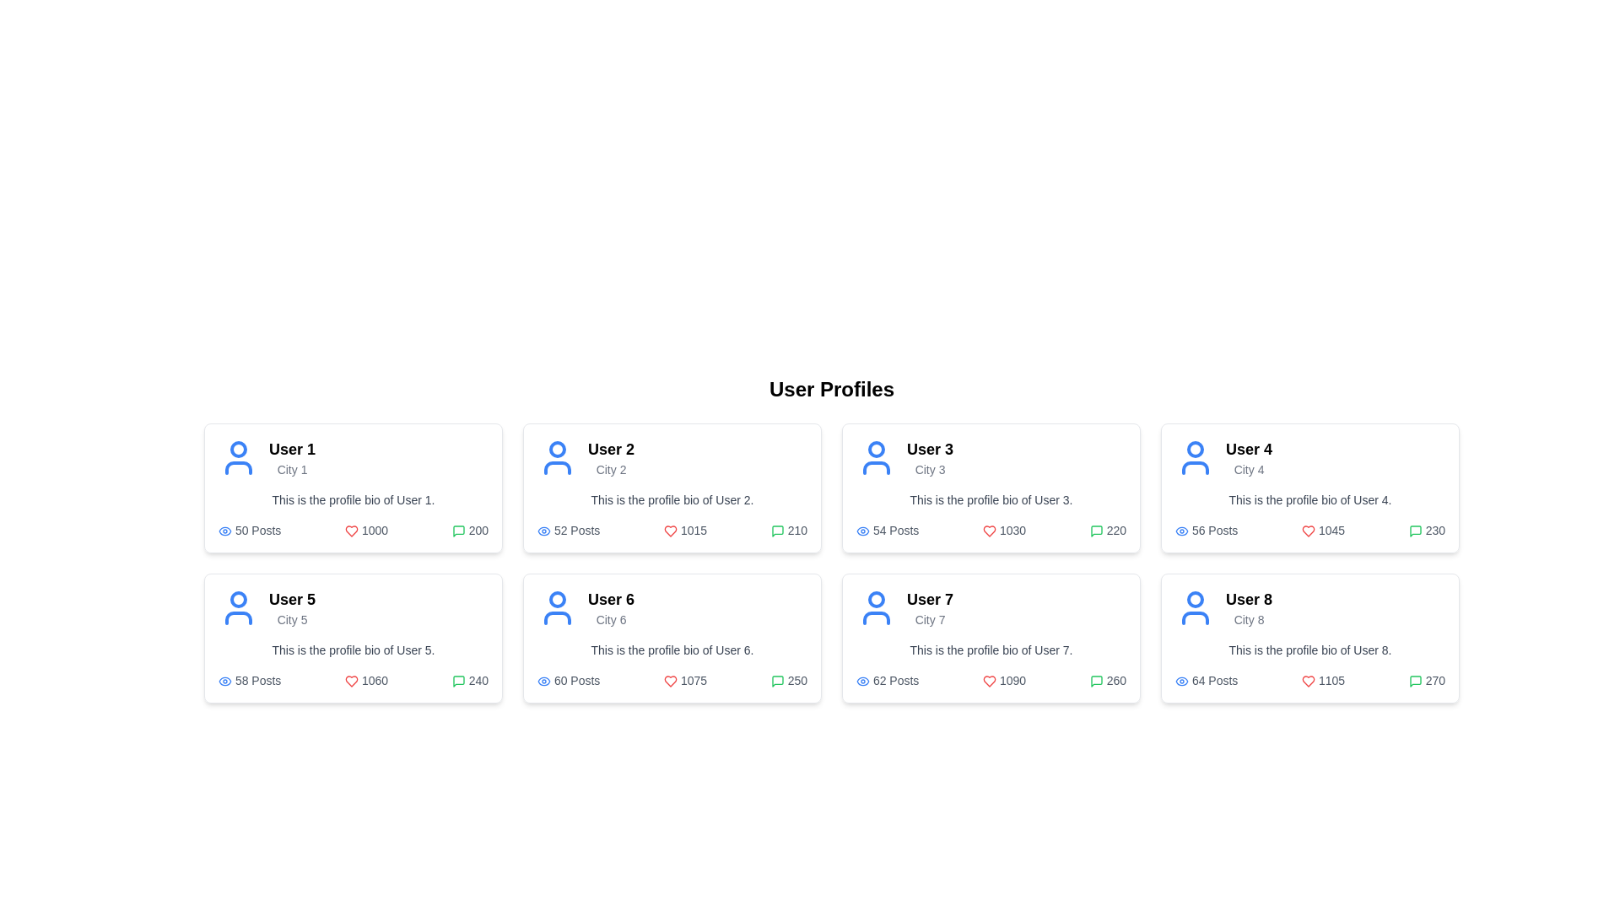  Describe the element at coordinates (989, 530) in the screenshot. I see `the 'like' or 'favorite' icon associated with 'User 3'` at that location.